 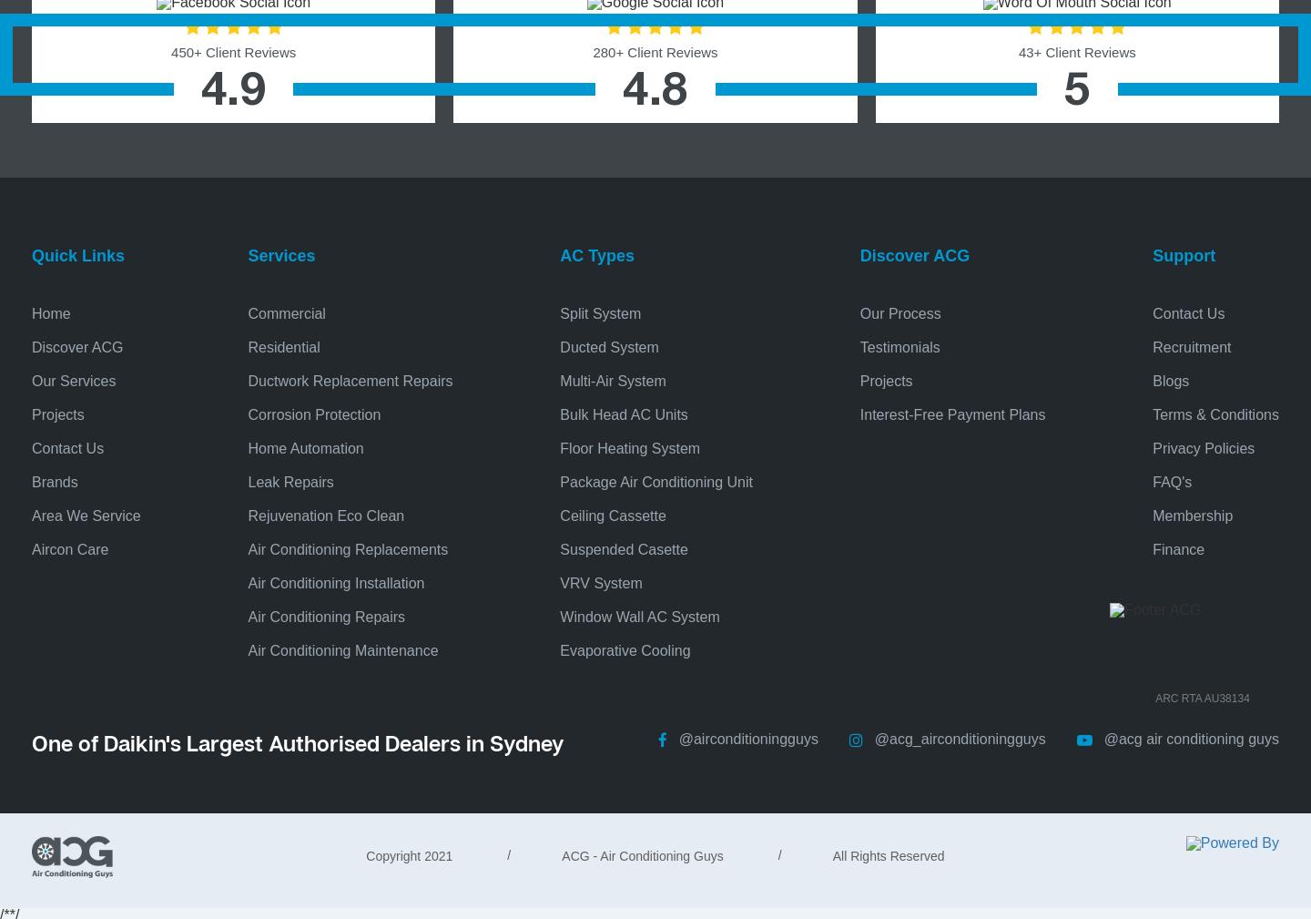 What do you see at coordinates (54, 481) in the screenshot?
I see `'Brands'` at bounding box center [54, 481].